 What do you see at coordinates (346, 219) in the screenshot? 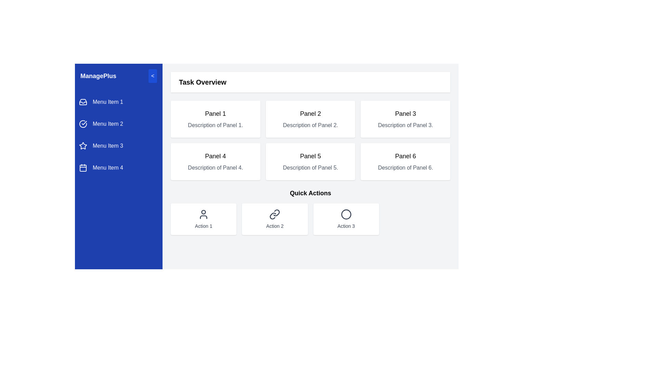
I see `the button labeled 'Action 3' located at the bottom of the 'Quick Actions' grid, specifically the third button in the row after 'Action 1' and 'Action 2'` at bounding box center [346, 219].